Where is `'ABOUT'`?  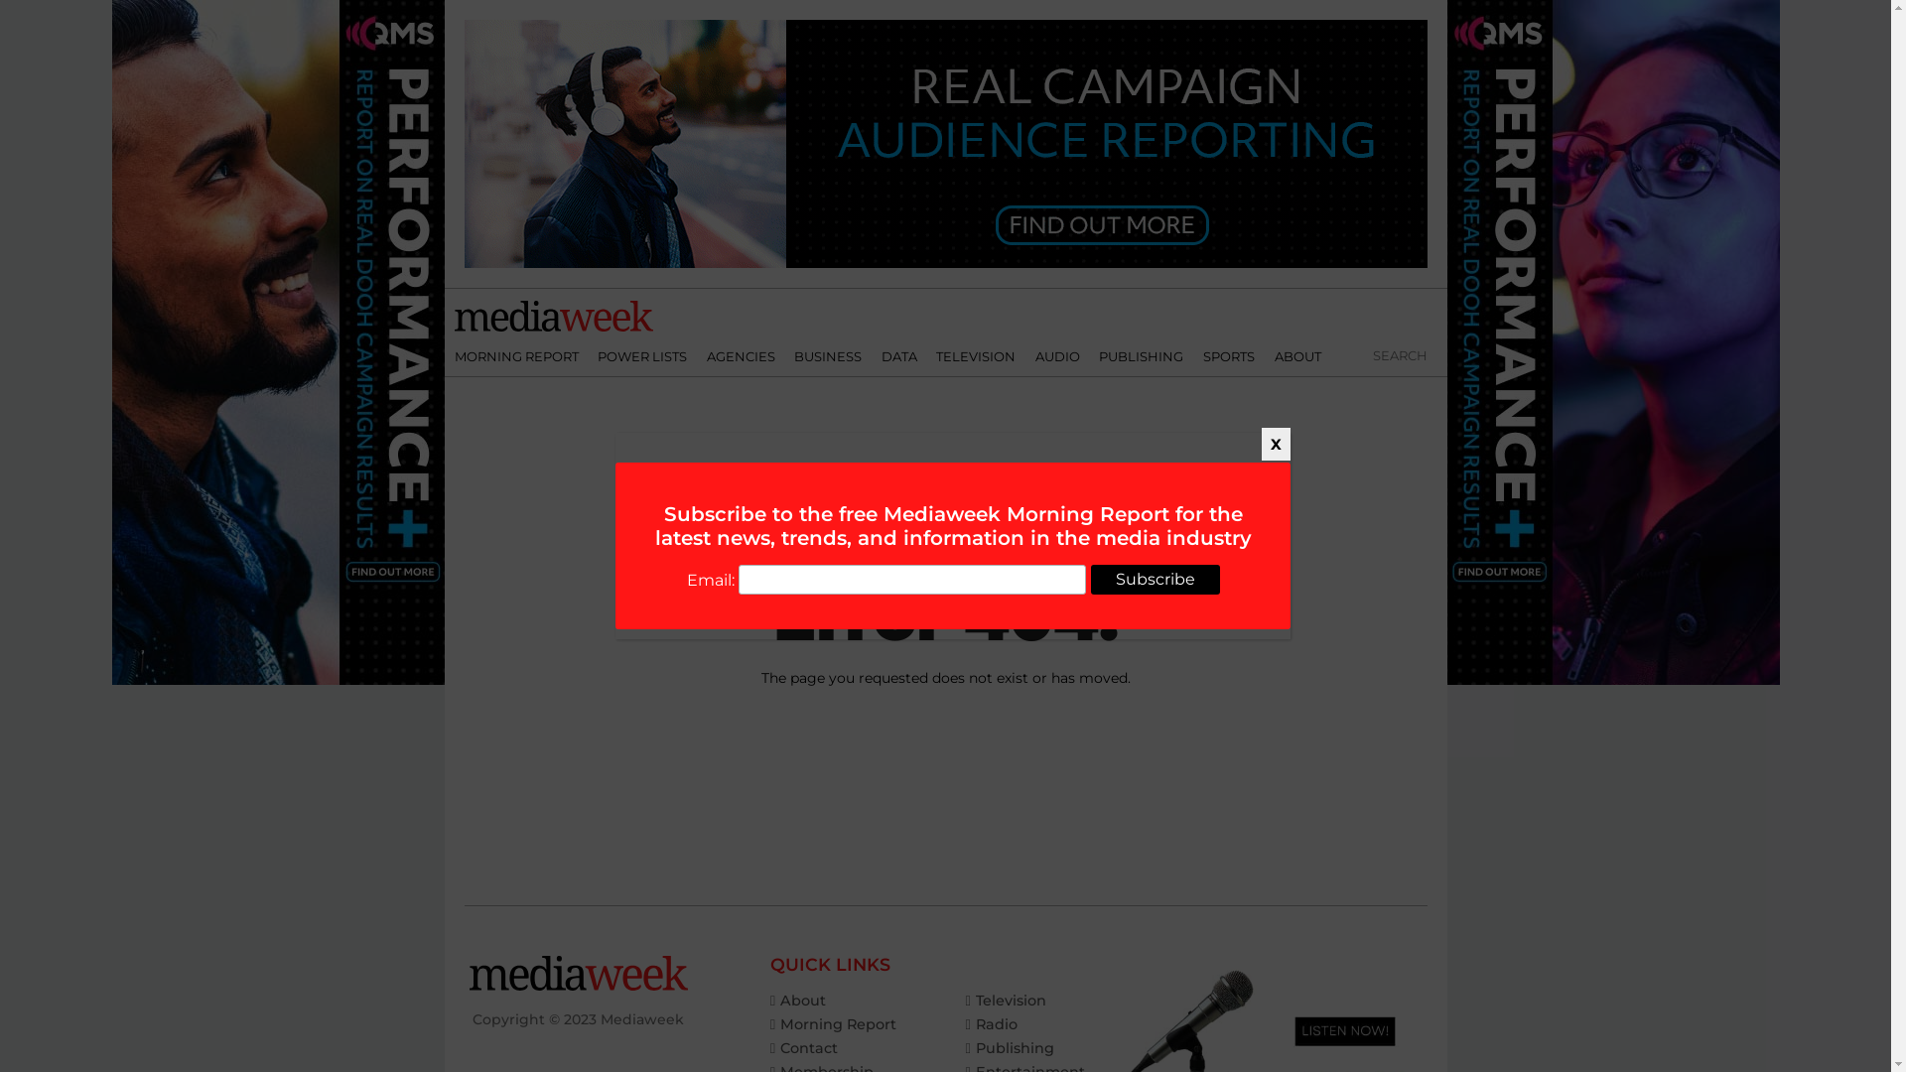
'ABOUT' is located at coordinates (1297, 354).